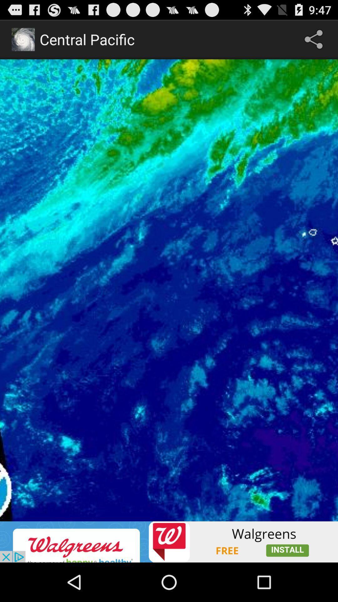 This screenshot has height=602, width=338. I want to click on install the app, so click(169, 541).